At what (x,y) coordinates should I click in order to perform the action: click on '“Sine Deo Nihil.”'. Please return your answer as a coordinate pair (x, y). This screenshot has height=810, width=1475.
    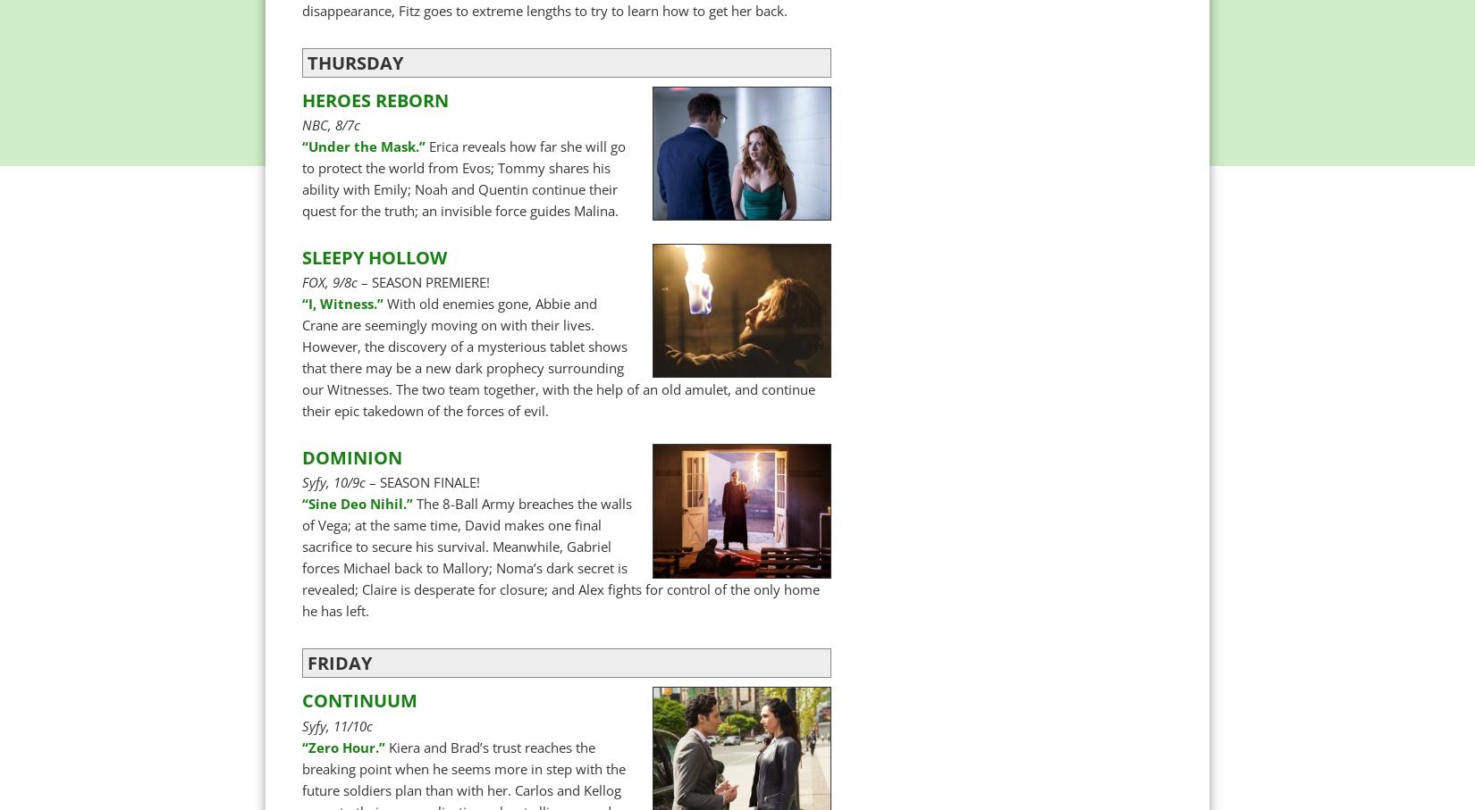
    Looking at the image, I should click on (301, 503).